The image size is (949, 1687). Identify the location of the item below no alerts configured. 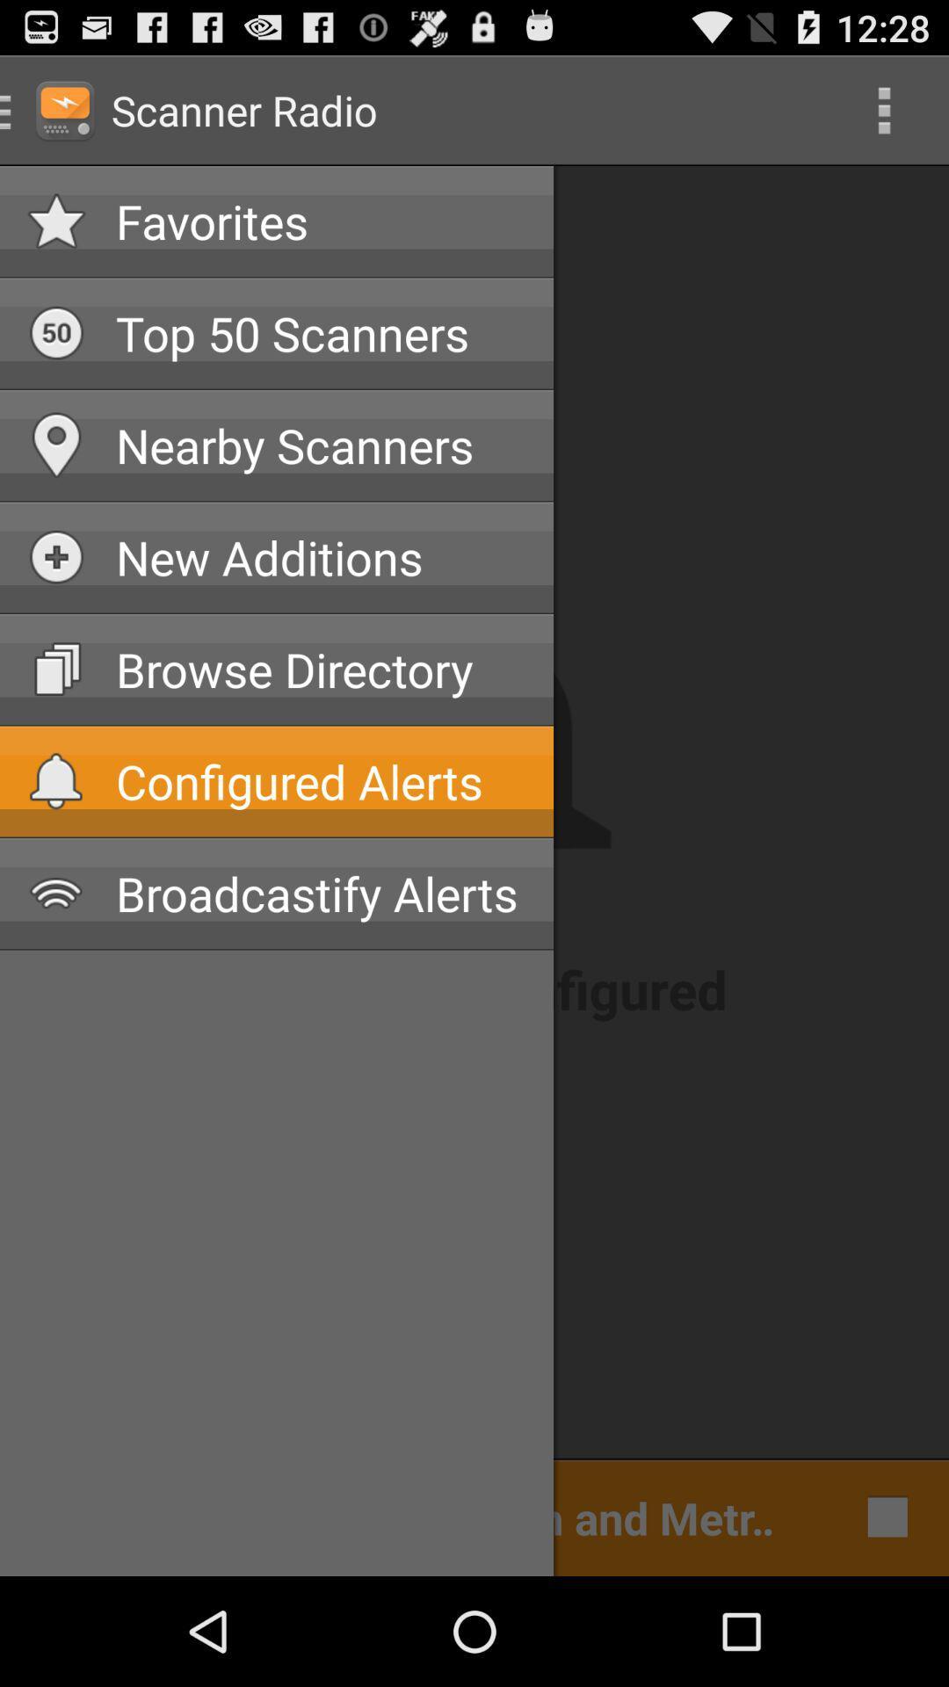
(883, 1516).